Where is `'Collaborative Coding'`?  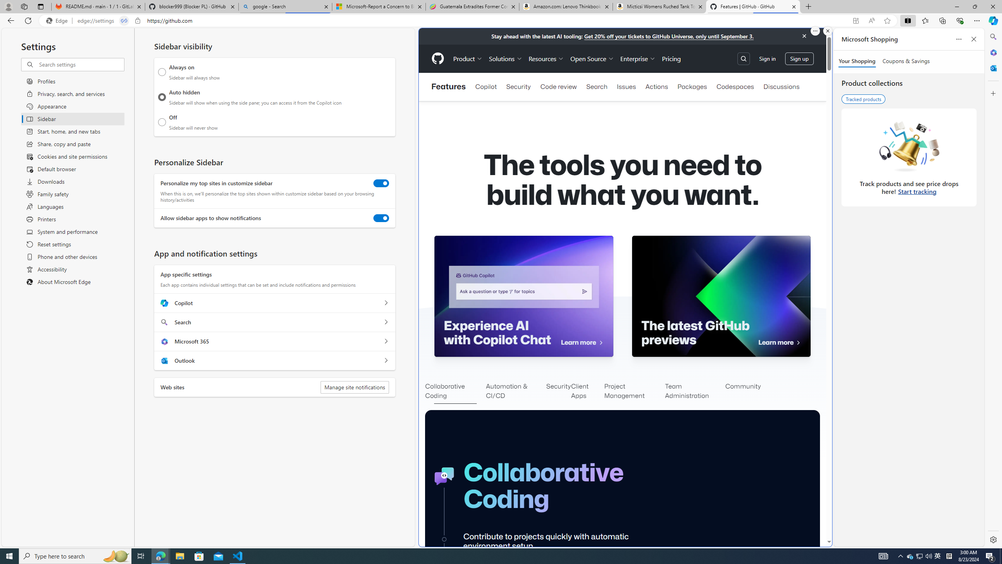
'Collaborative Coding' is located at coordinates (455, 391).